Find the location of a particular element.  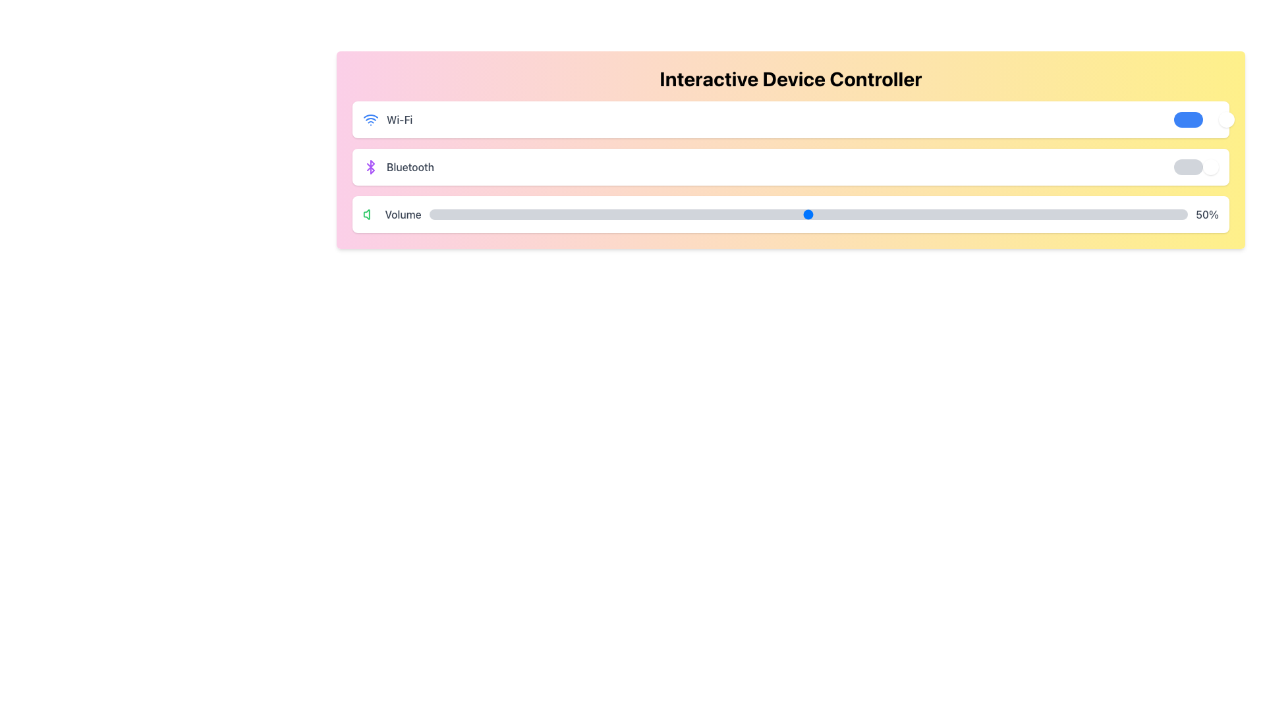

the toggle switch for Bluetooth settings is located at coordinates (1196, 167).